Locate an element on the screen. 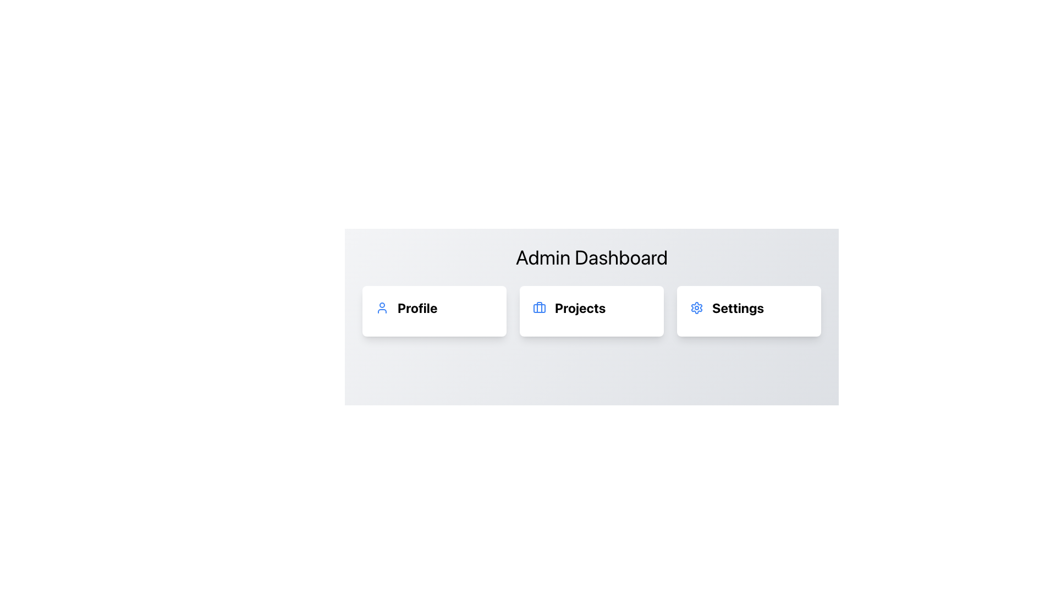  the center button-like card in the grid layout beneath the 'Admin Dashboard' heading is located at coordinates (591, 311).